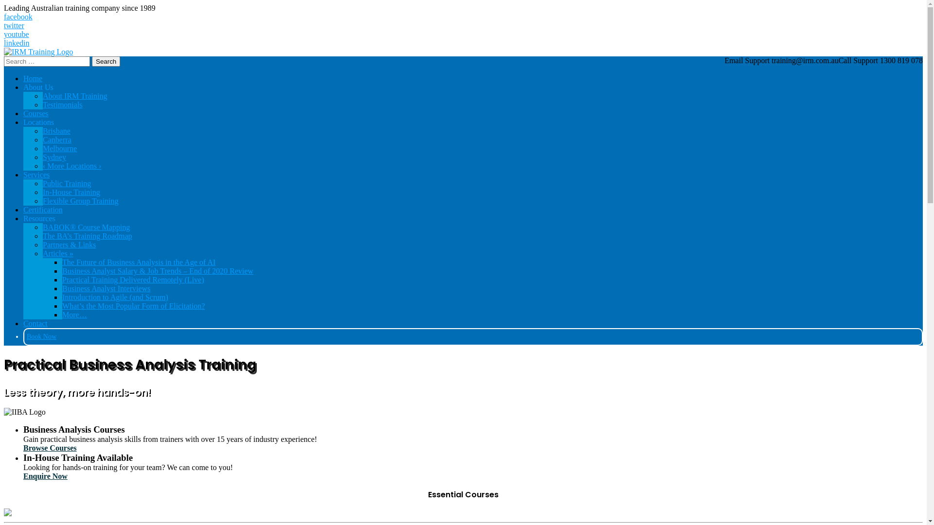 The height and width of the screenshot is (525, 934). Describe the element at coordinates (56, 140) in the screenshot. I see `'Canberra'` at that location.